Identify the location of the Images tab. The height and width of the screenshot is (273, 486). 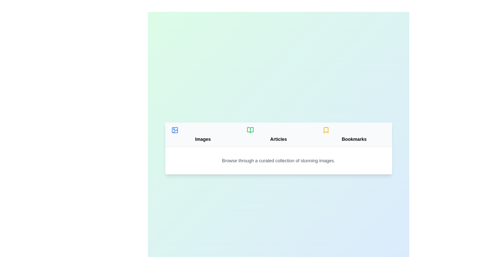
(203, 134).